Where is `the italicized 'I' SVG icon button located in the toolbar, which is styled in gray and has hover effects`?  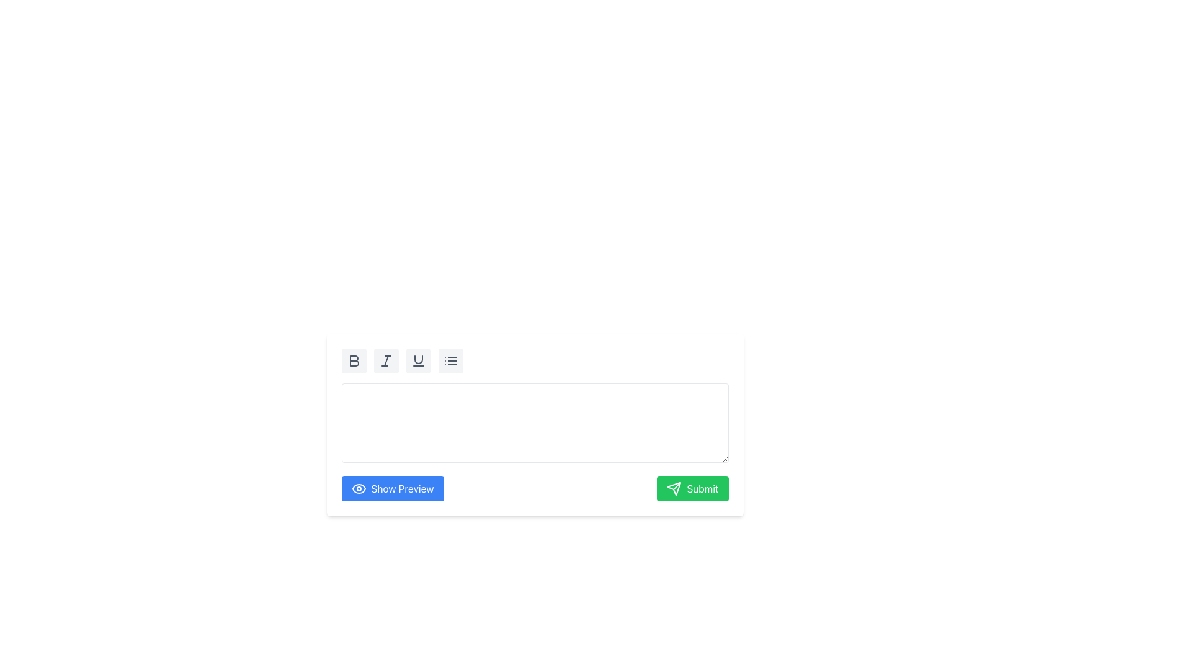
the italicized 'I' SVG icon button located in the toolbar, which is styled in gray and has hover effects is located at coordinates (385, 361).